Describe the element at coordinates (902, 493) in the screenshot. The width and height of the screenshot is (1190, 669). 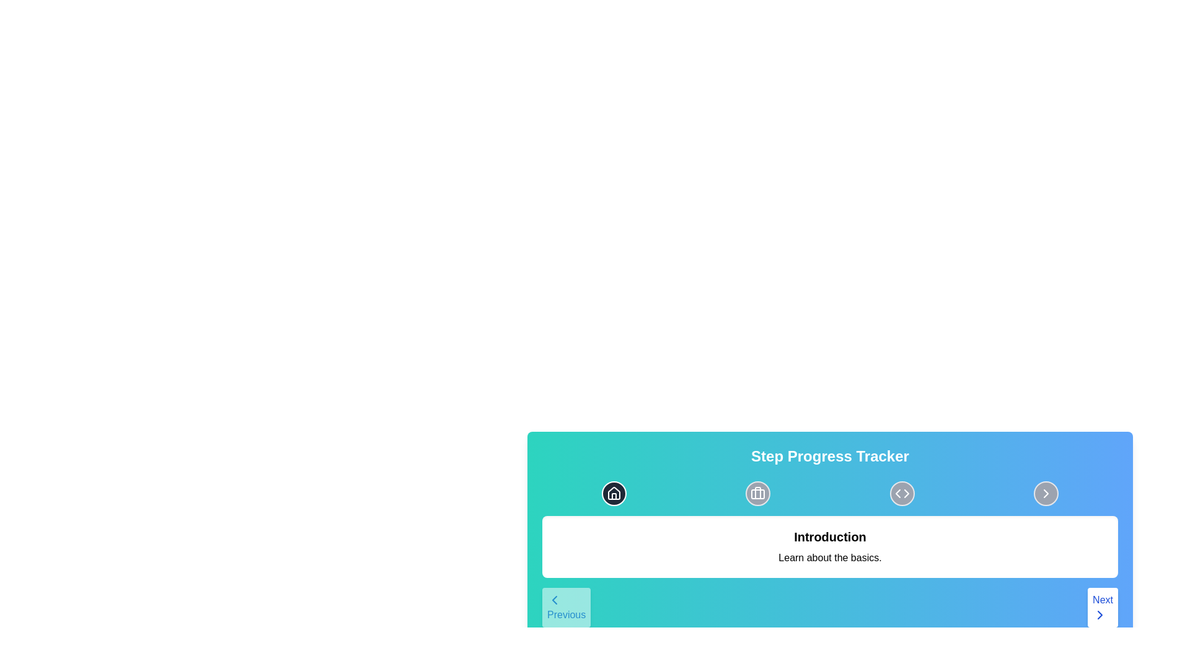
I see `the third circular button with an icon related to coding located in the top-right section of the 'Step Progress Tracker' panel` at that location.